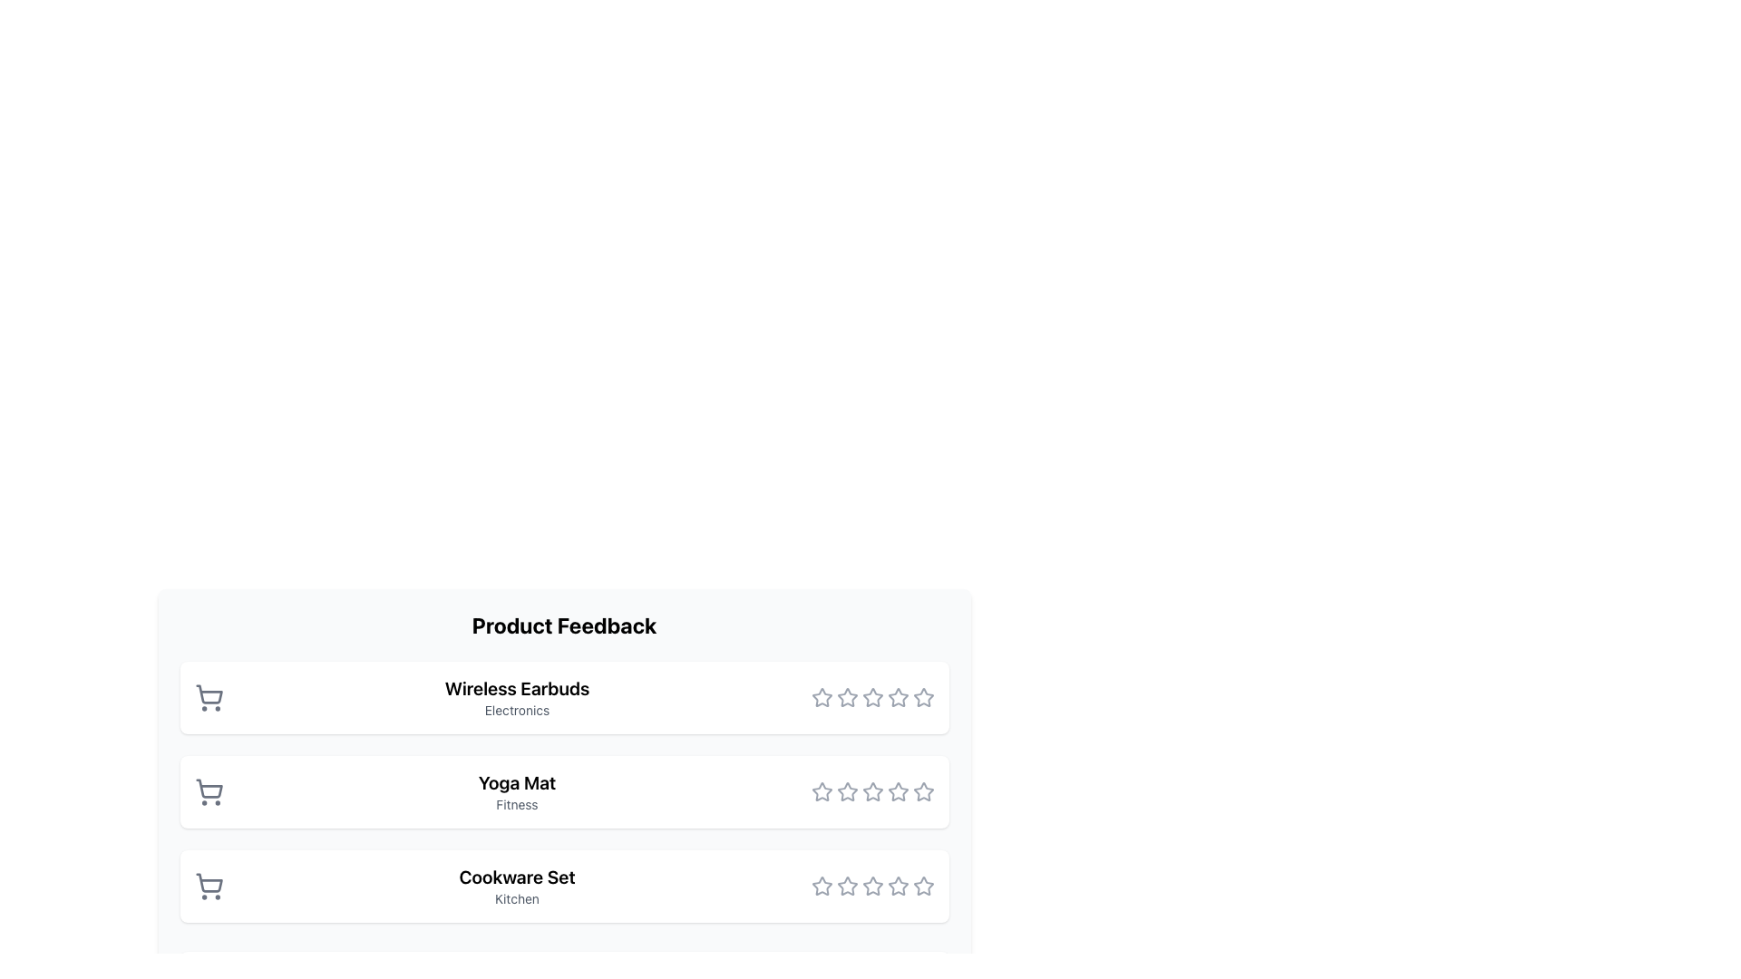 The width and height of the screenshot is (1741, 979). What do you see at coordinates (821, 790) in the screenshot?
I see `the first star icon in the rating group on the right side of the 'Yoga Mat' row` at bounding box center [821, 790].